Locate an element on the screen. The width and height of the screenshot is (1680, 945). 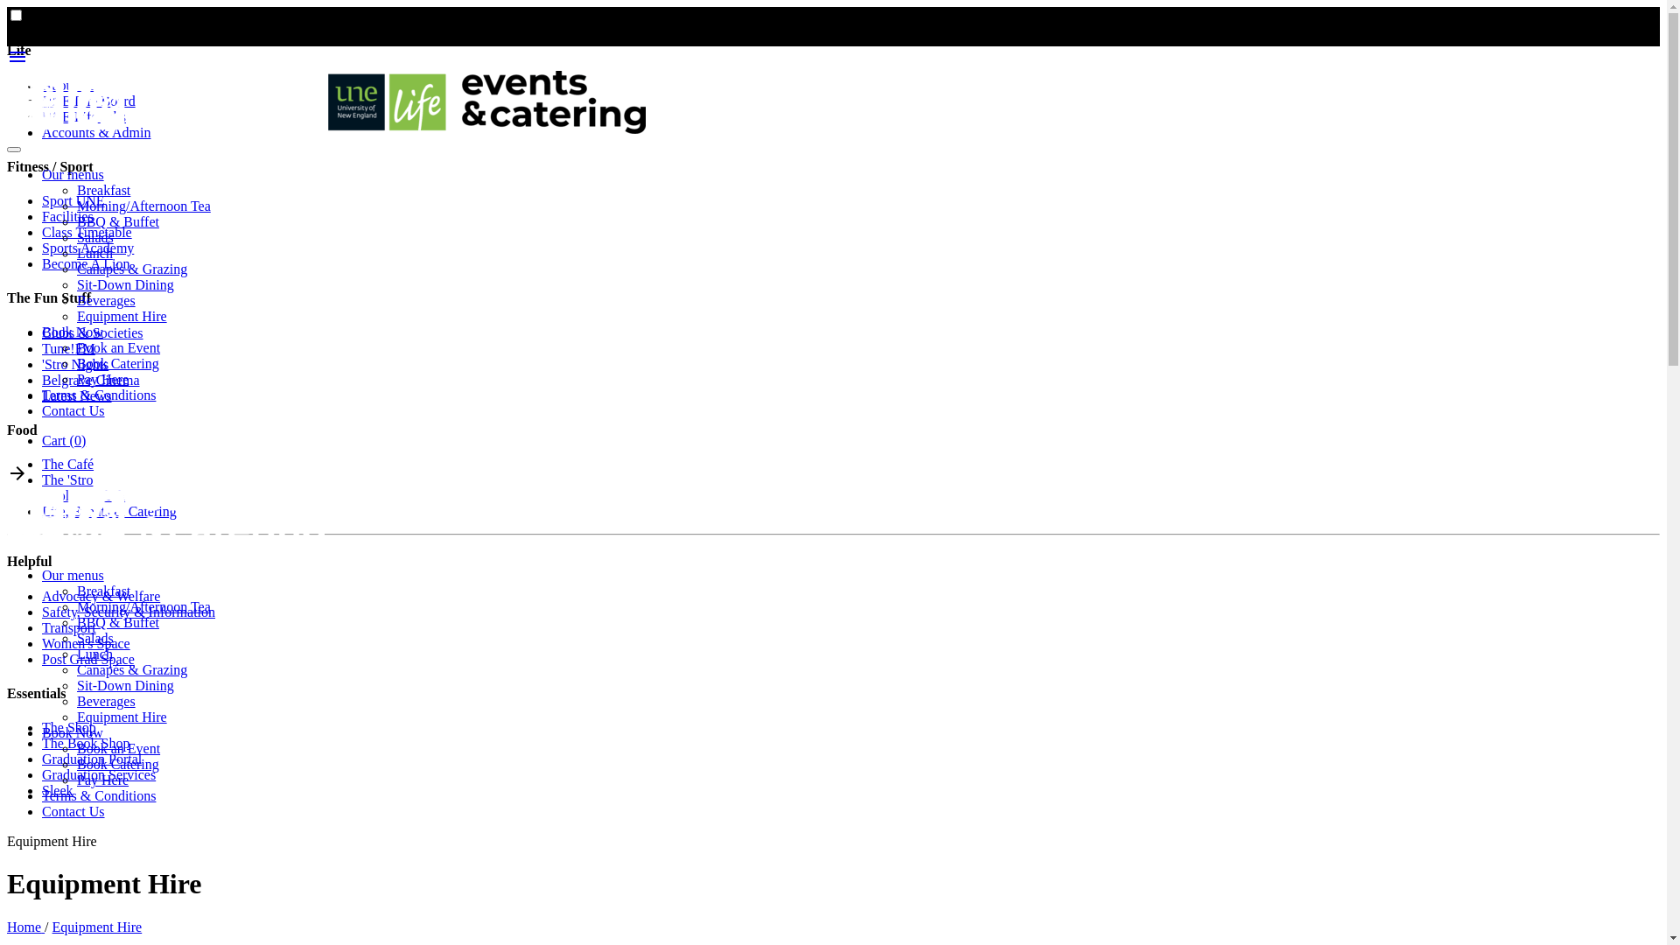
'Belgrave Cinema' is located at coordinates (90, 379).